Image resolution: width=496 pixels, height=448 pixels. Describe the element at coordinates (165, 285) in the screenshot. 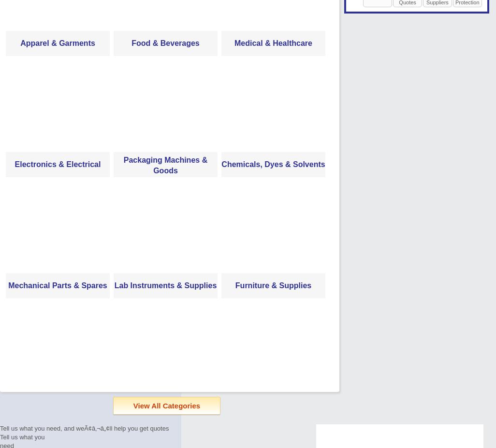

I see `'Lab Instruments & Supplies'` at that location.